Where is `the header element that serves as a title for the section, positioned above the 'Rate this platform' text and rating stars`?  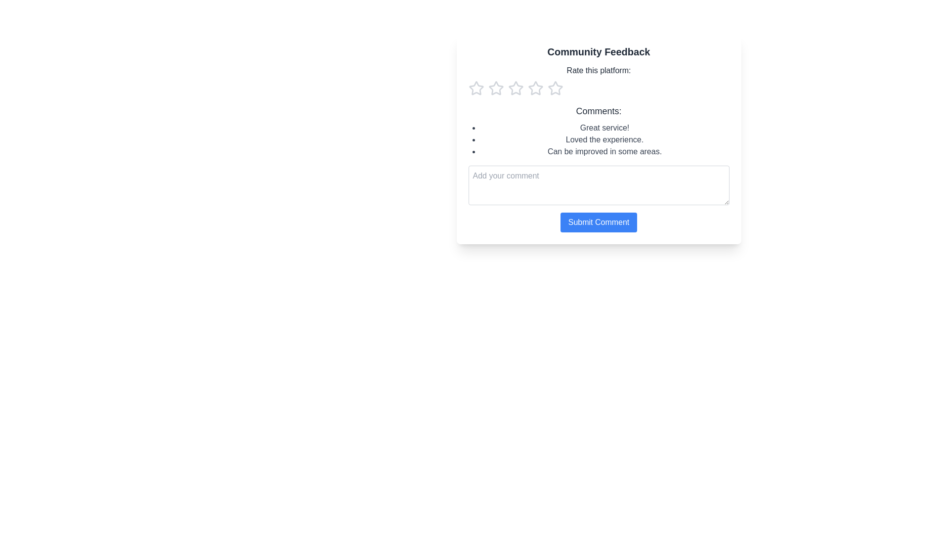 the header element that serves as a title for the section, positioned above the 'Rate this platform' text and rating stars is located at coordinates (598, 51).